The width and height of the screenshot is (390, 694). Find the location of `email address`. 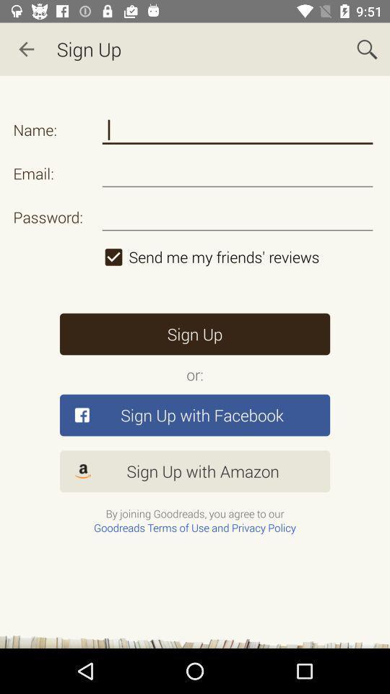

email address is located at coordinates (238, 173).